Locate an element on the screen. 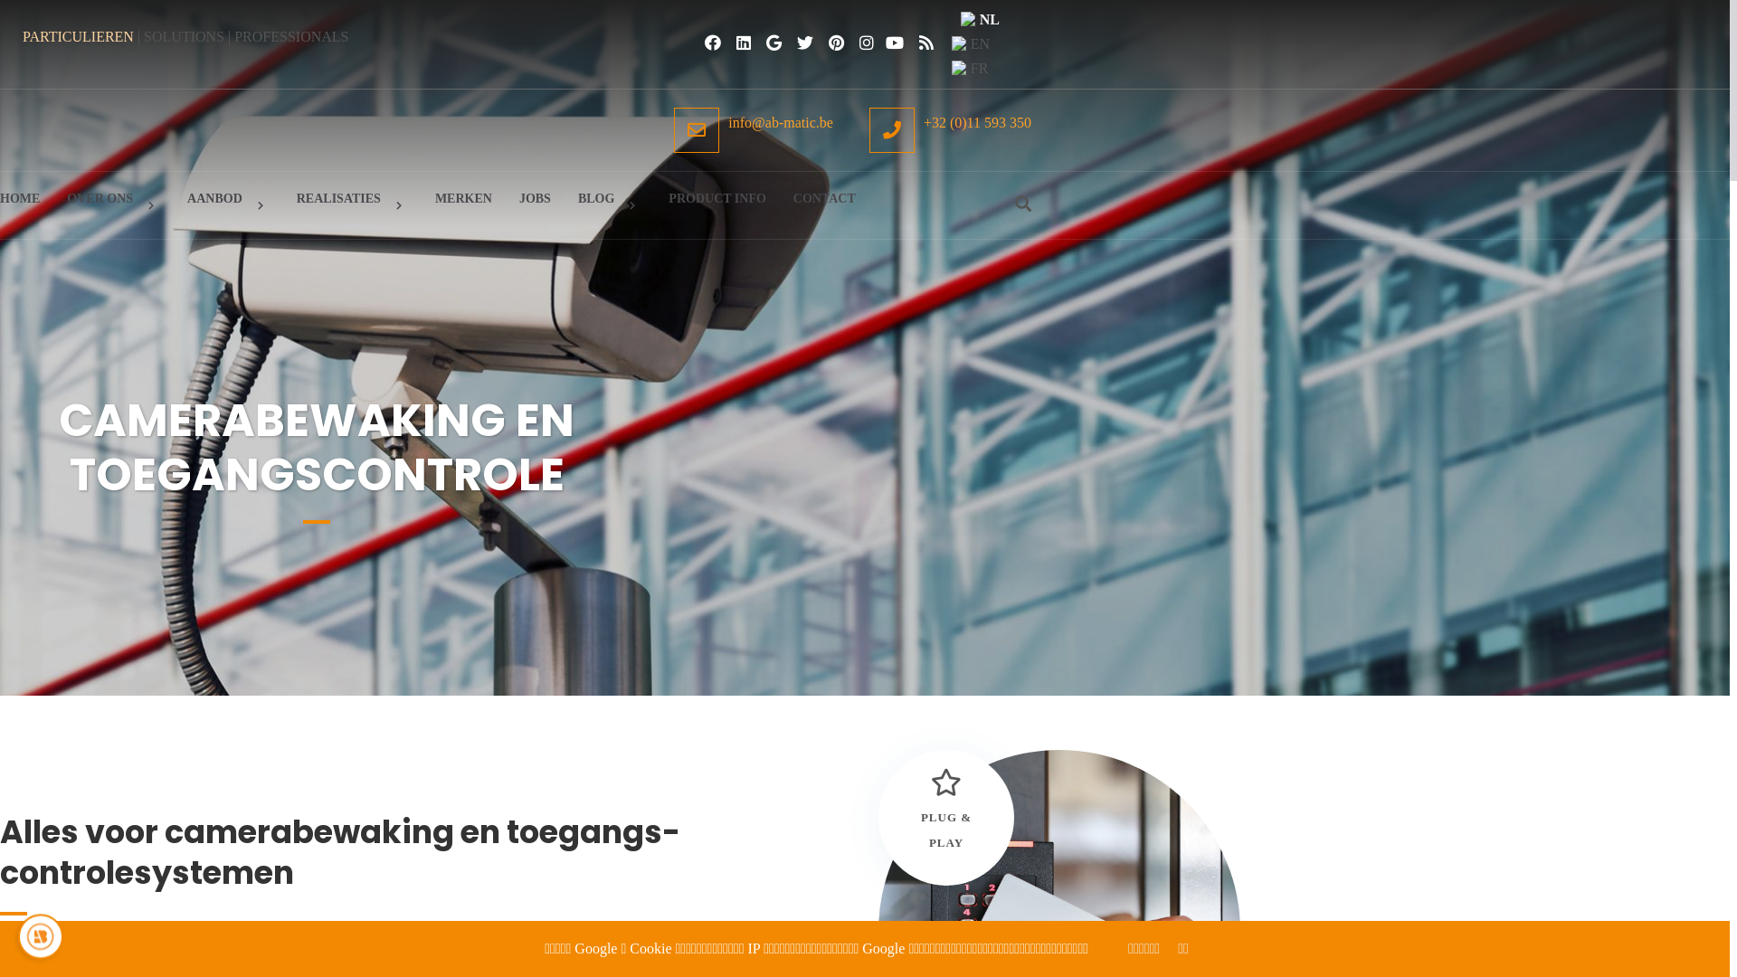  'SOLUTIONS' is located at coordinates (142, 36).